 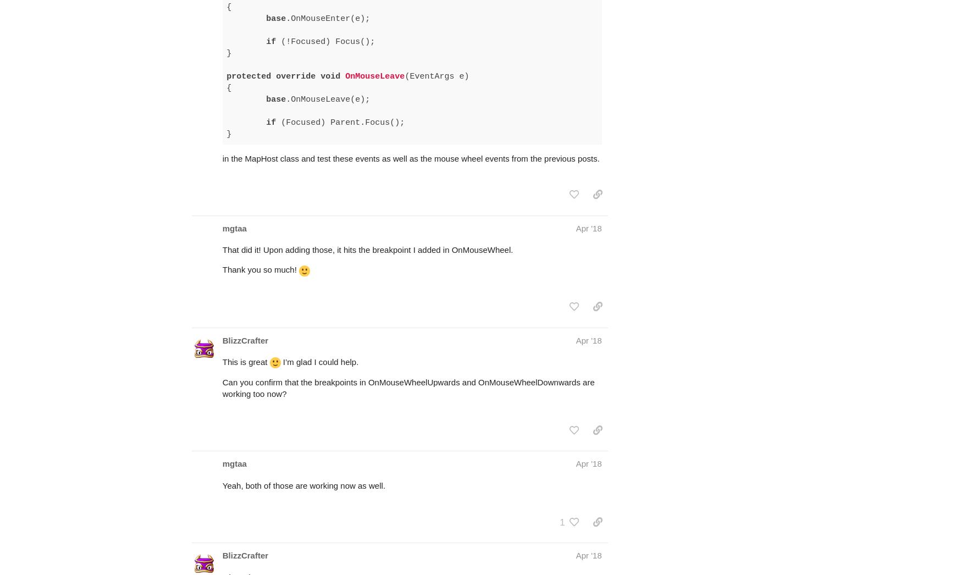 I want to click on 'Okay nice.', so click(x=241, y=533).